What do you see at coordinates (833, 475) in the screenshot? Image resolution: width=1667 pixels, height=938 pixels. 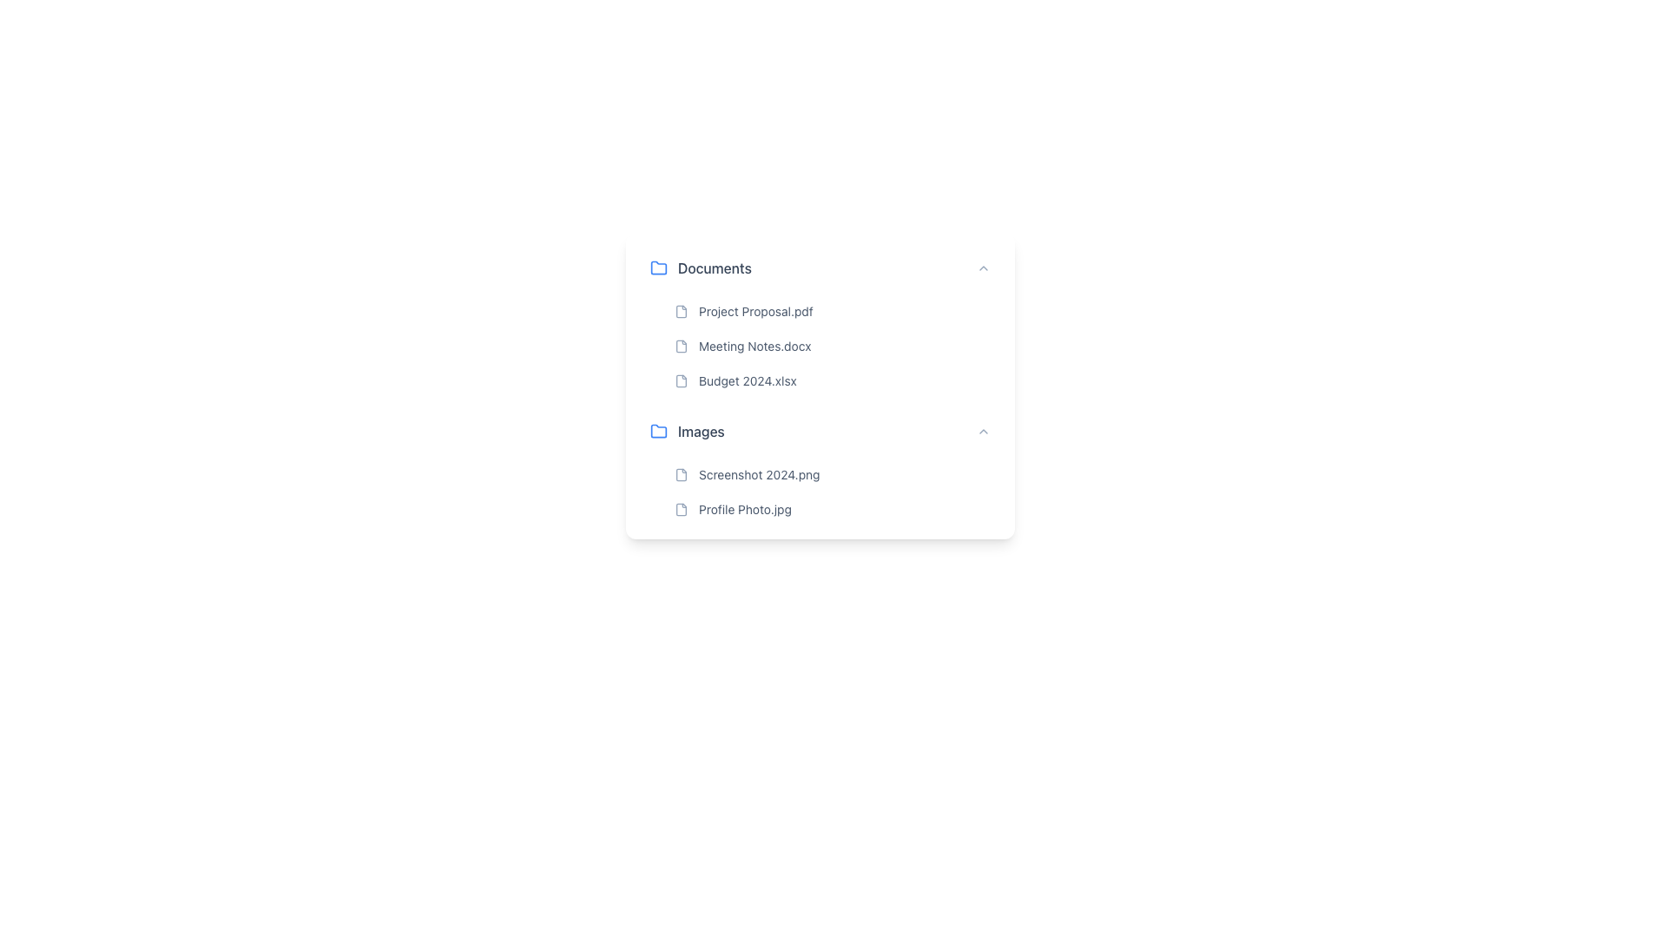 I see `the file entry representing 'Screenshot 2024.png'` at bounding box center [833, 475].